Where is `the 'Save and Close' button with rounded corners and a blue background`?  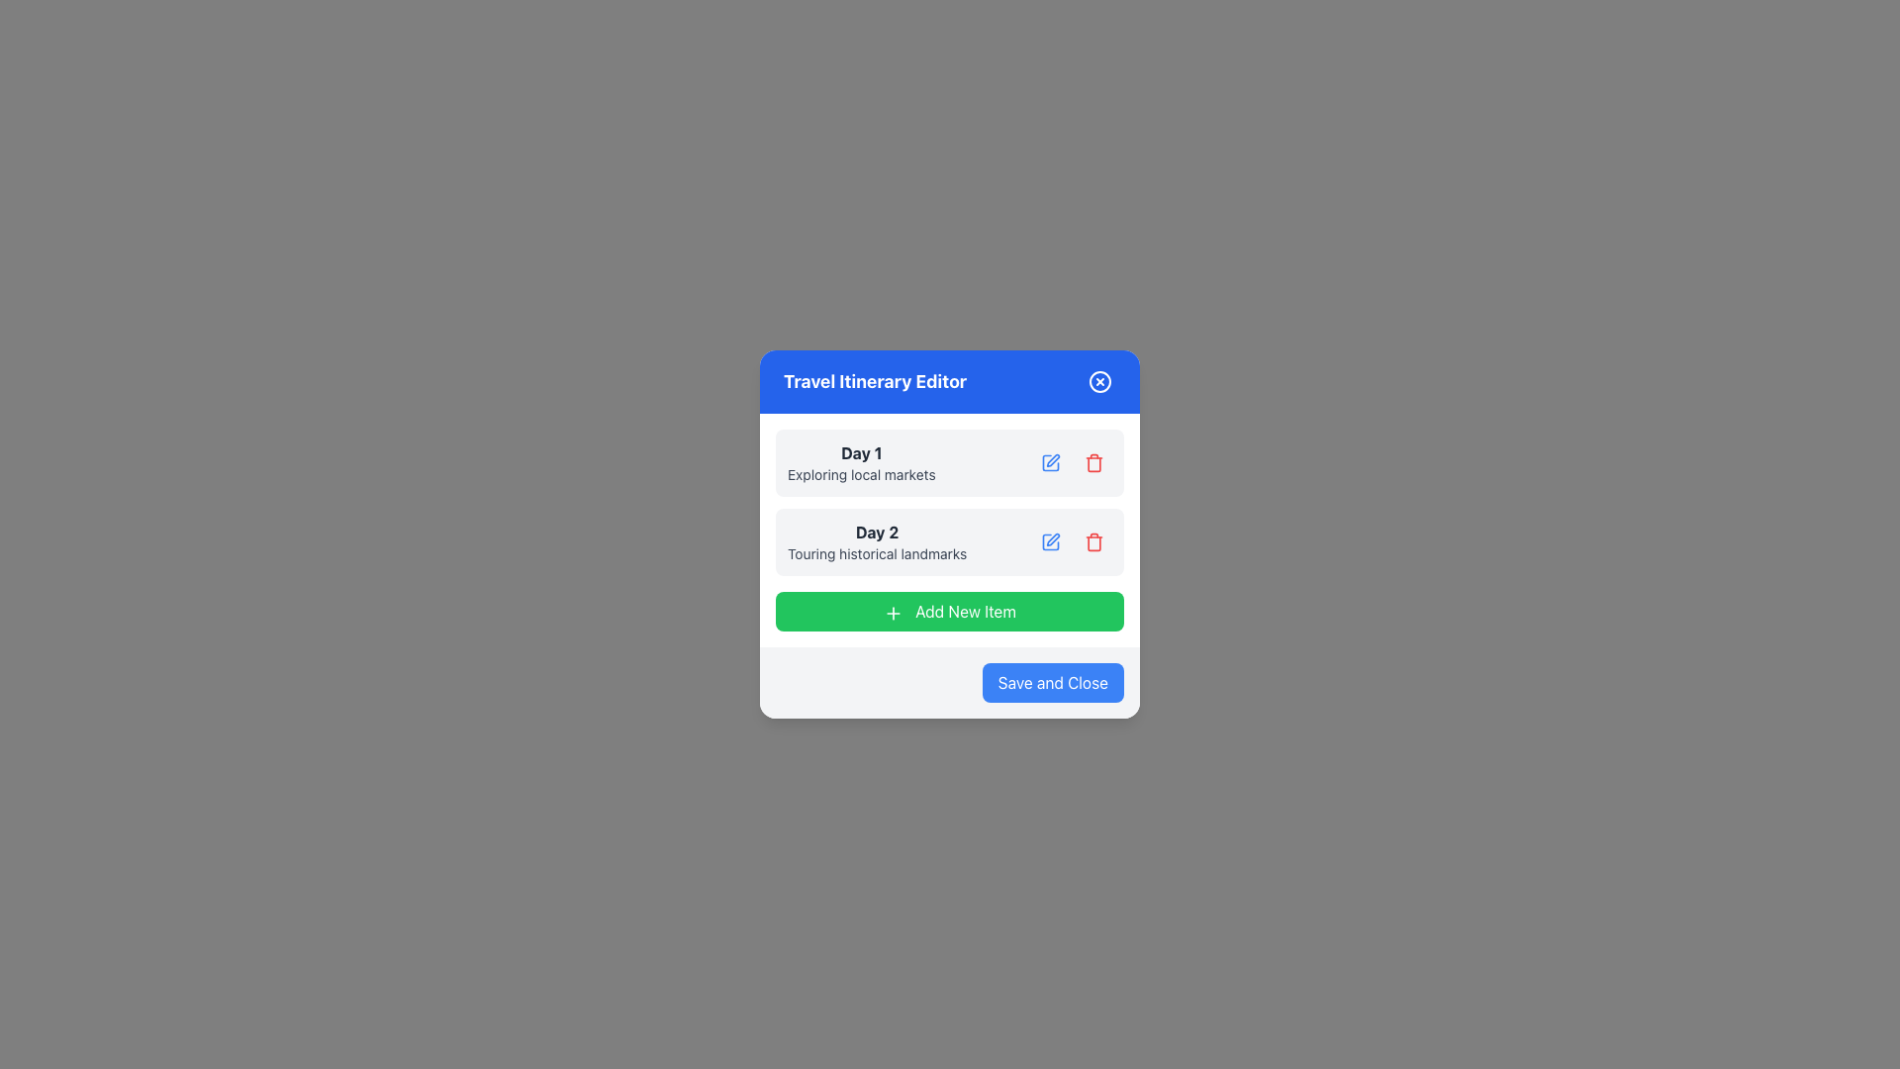
the 'Save and Close' button with rounded corners and a blue background is located at coordinates (1052, 682).